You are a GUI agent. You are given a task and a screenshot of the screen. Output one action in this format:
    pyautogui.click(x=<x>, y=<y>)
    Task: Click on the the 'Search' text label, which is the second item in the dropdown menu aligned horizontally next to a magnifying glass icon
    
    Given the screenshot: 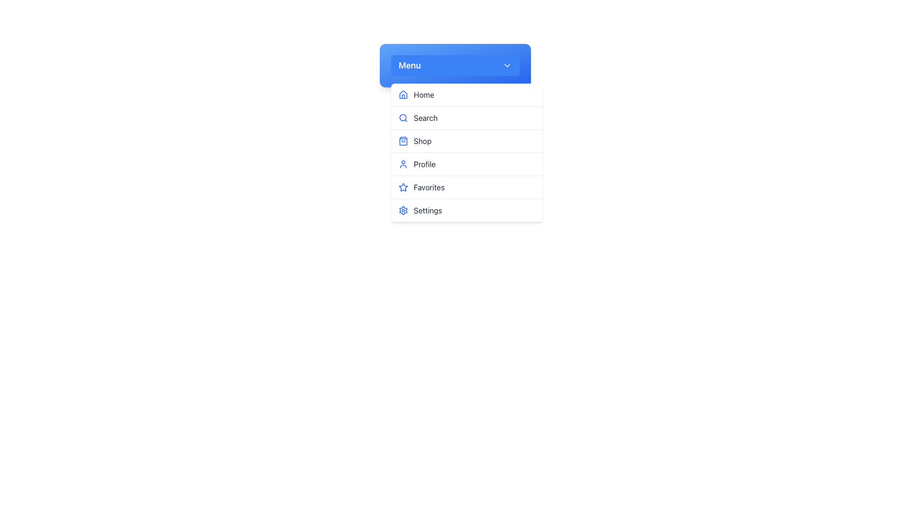 What is the action you would take?
    pyautogui.click(x=425, y=118)
    